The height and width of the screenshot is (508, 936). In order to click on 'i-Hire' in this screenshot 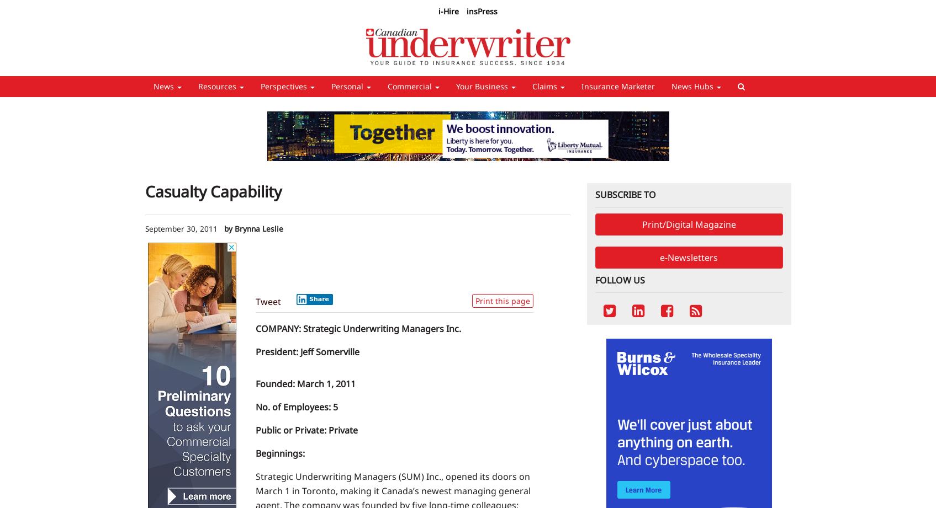, I will do `click(448, 11)`.